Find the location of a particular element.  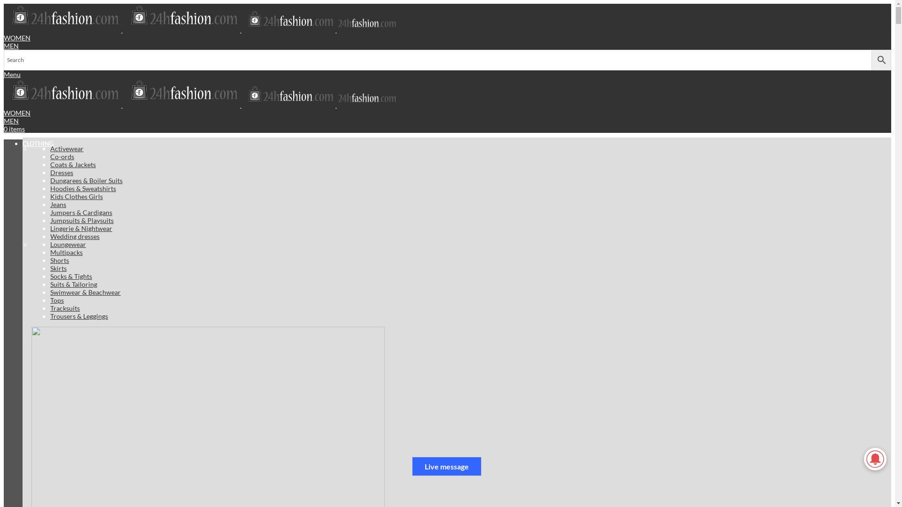

'Shorts' is located at coordinates (49, 260).